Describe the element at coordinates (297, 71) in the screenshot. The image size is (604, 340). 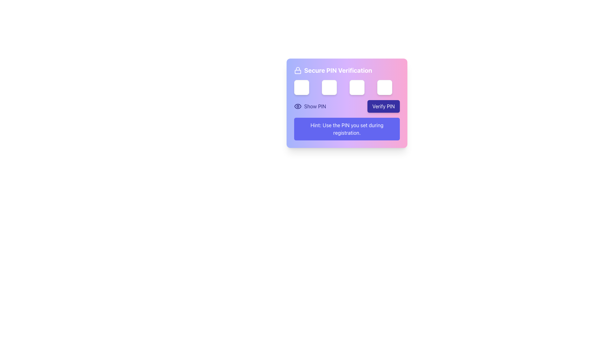
I see `the lock icon in the header of the 'Secure PIN Verification' modal dialog, which symbolizes security` at that location.